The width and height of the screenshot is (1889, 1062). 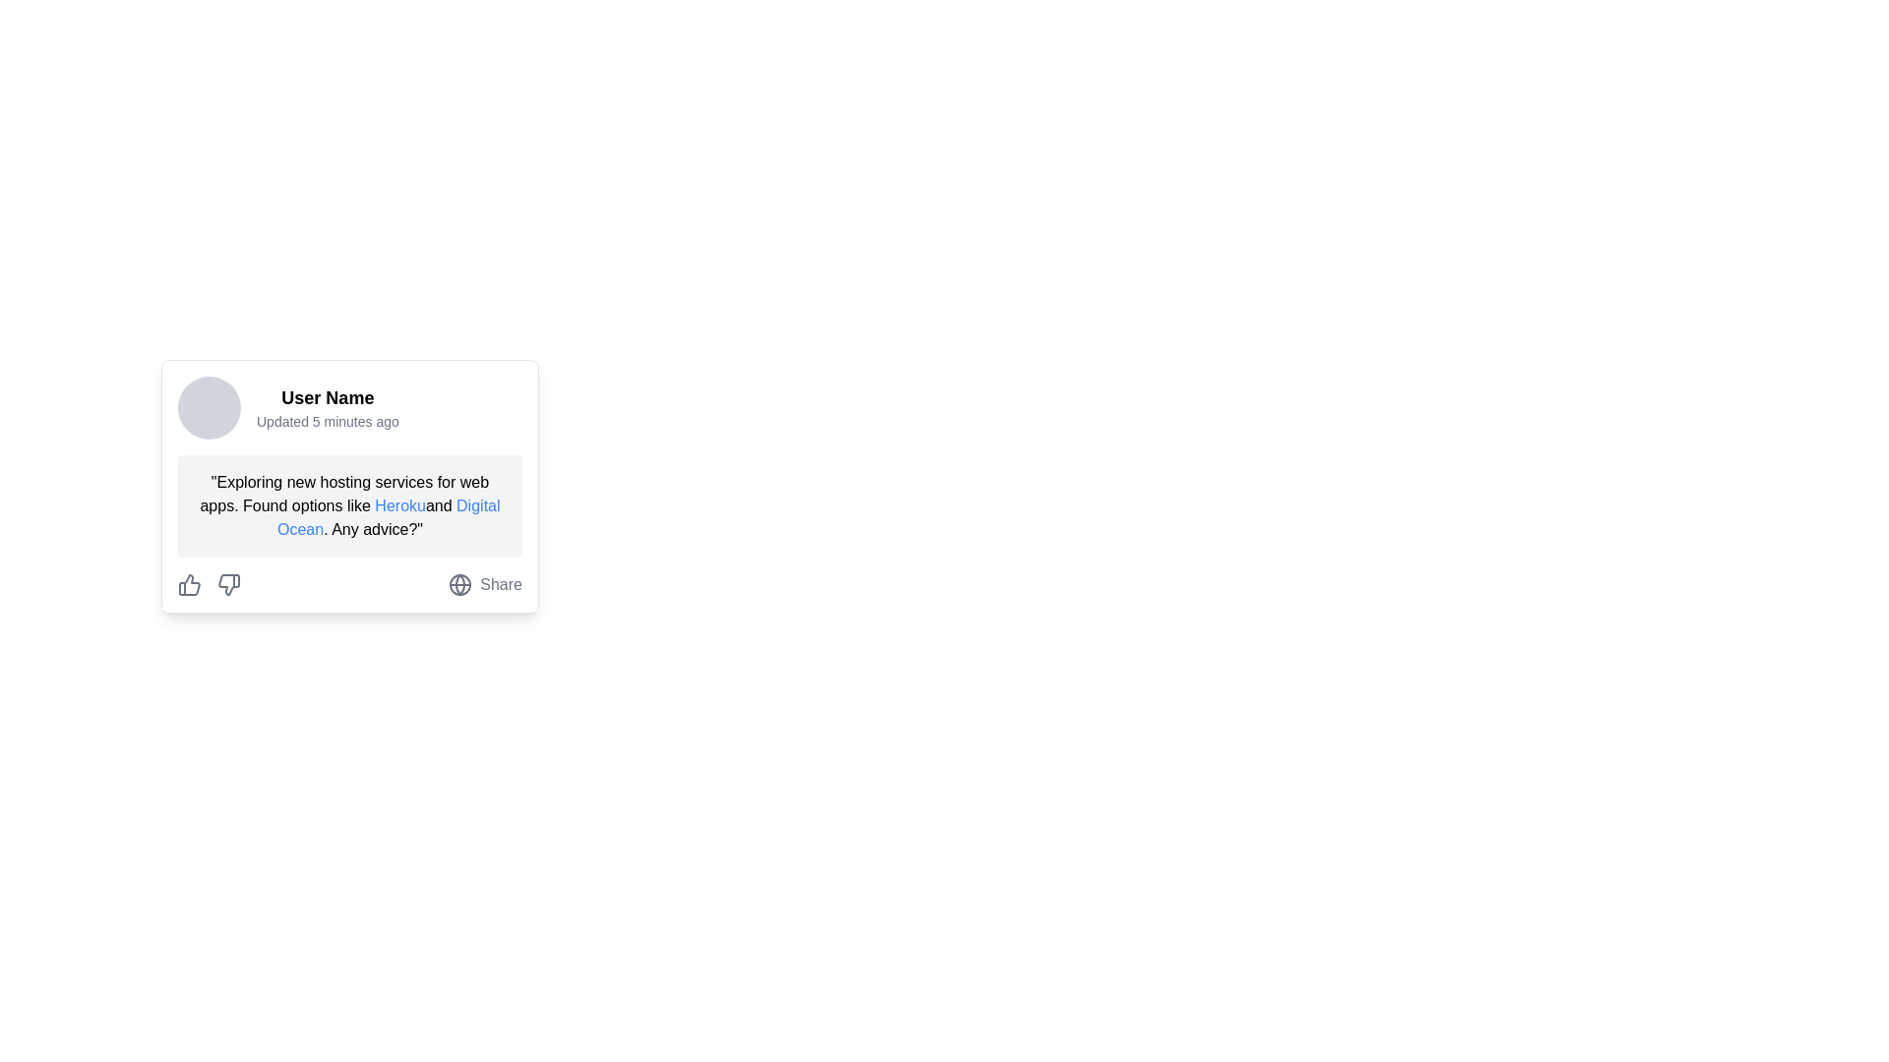 I want to click on the Text label that displays the timestamp of the last update related to the user's activity, located directly underneath the 'User Name' text in the profile card layout, so click(x=328, y=420).